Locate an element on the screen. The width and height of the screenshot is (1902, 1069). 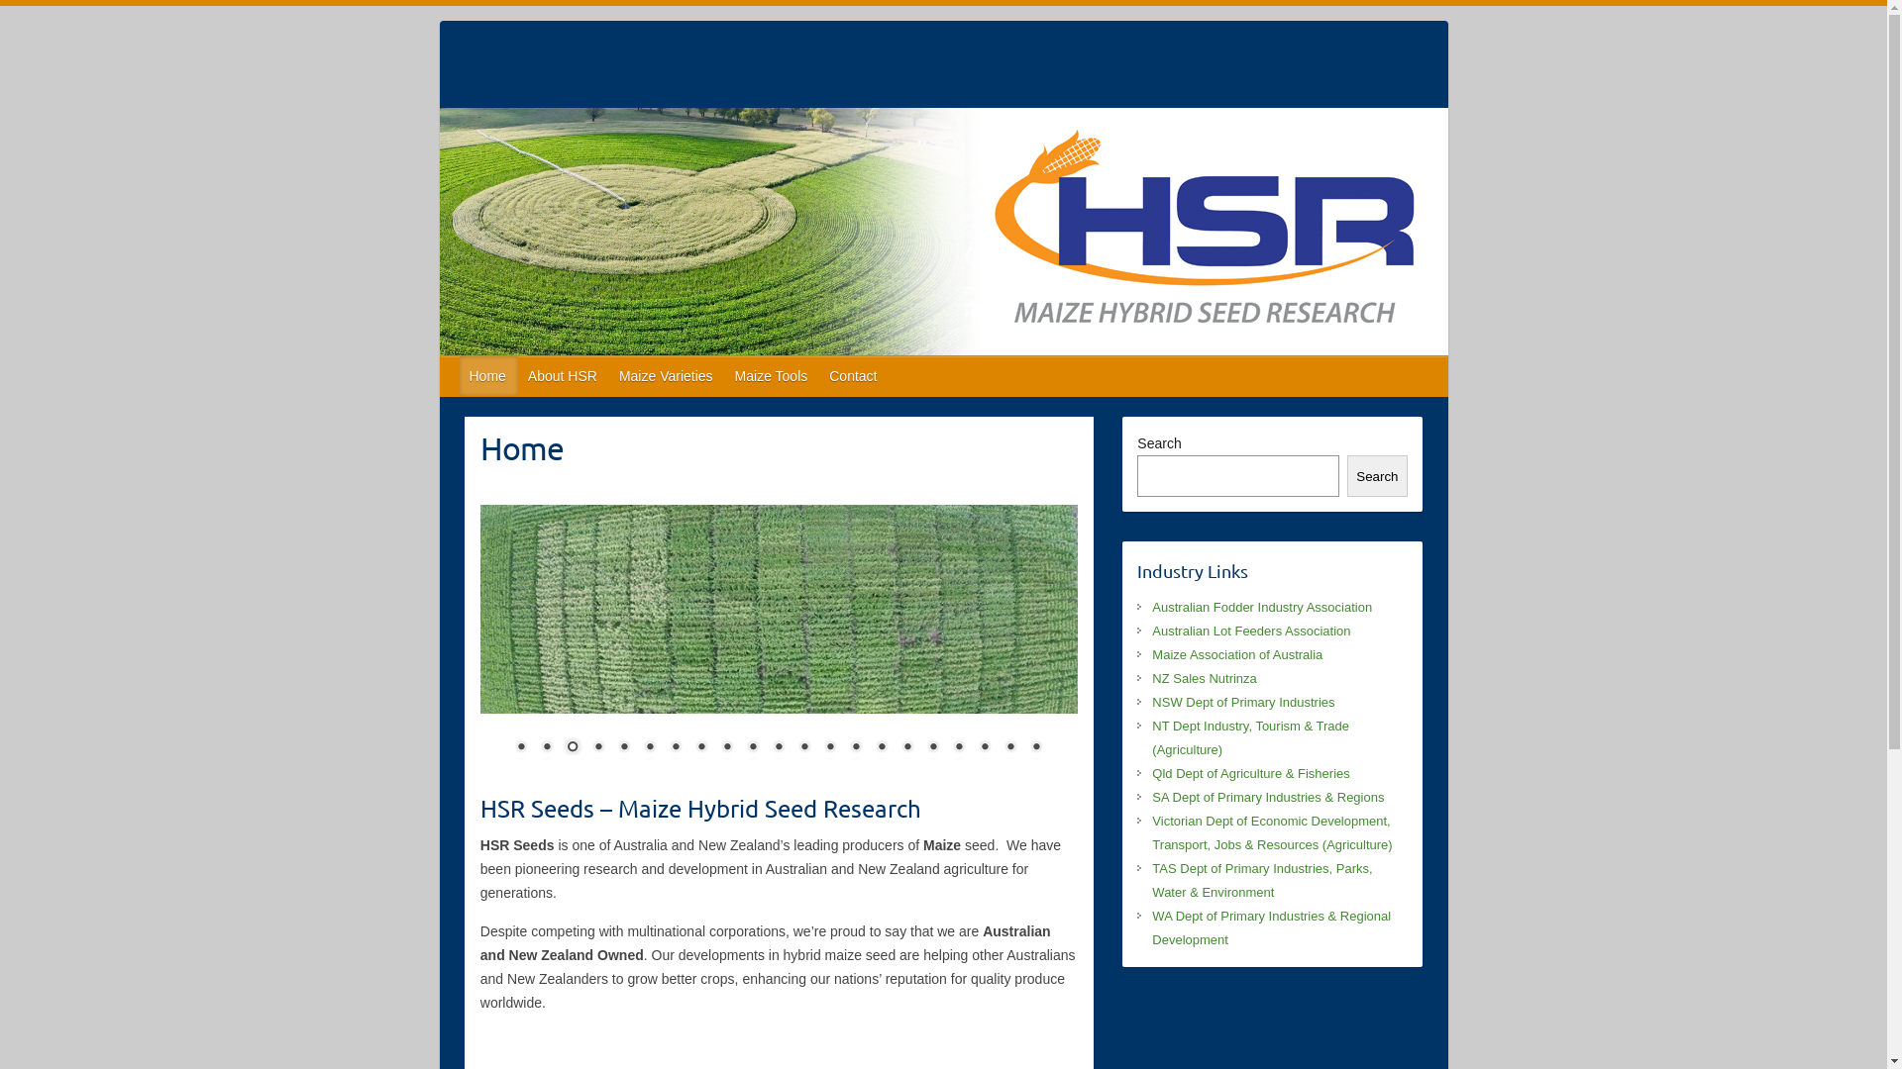
'16' is located at coordinates (906, 748).